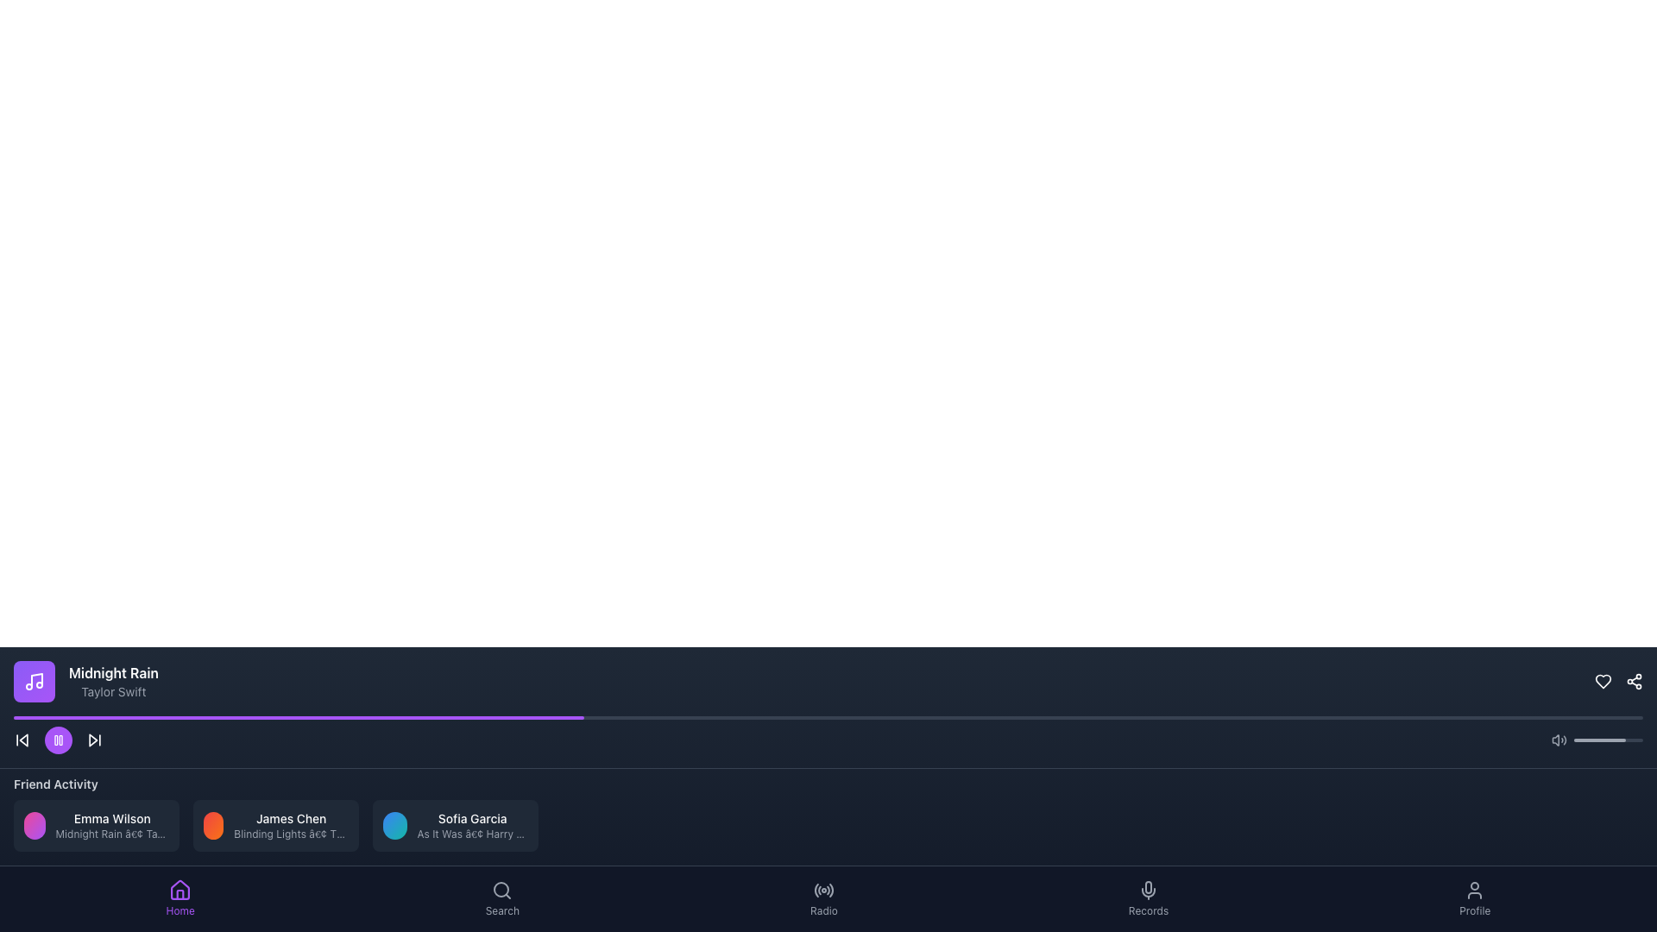  Describe the element at coordinates (94, 739) in the screenshot. I see `the skip button located at the far right of the playback controls bar, adjacent to the pause button, to change its text color` at that location.